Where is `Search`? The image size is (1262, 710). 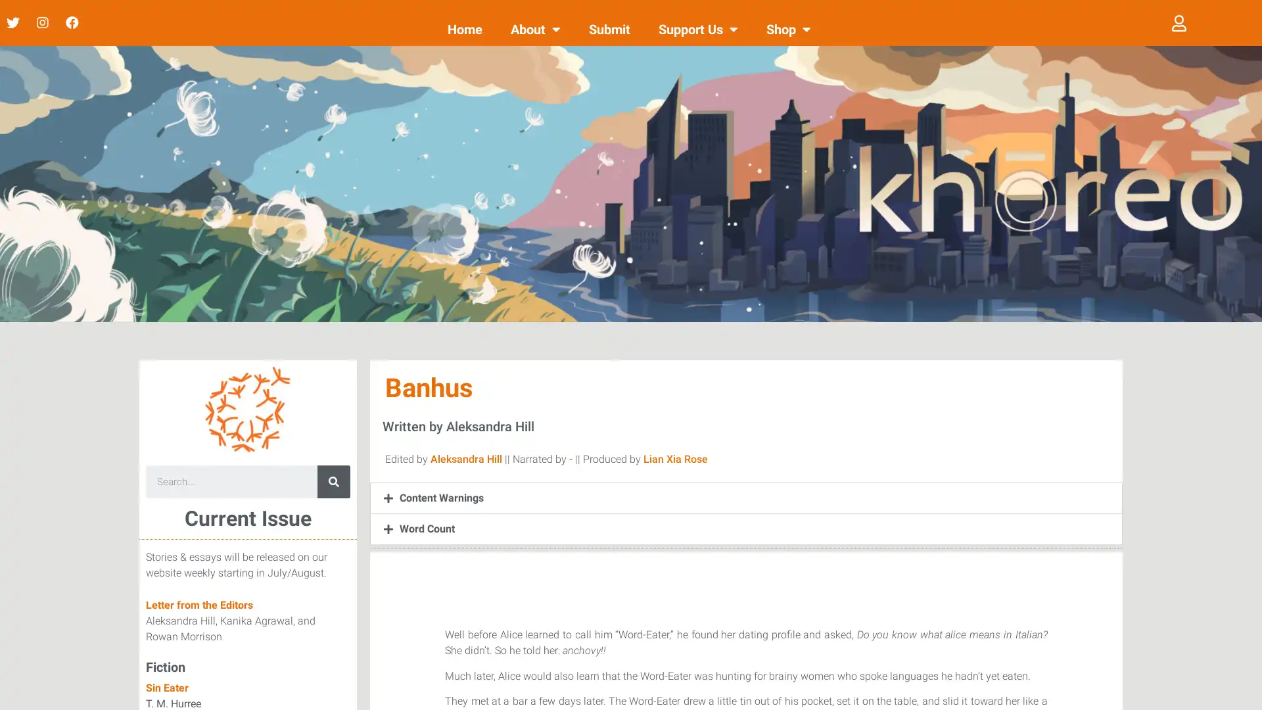 Search is located at coordinates (333, 481).